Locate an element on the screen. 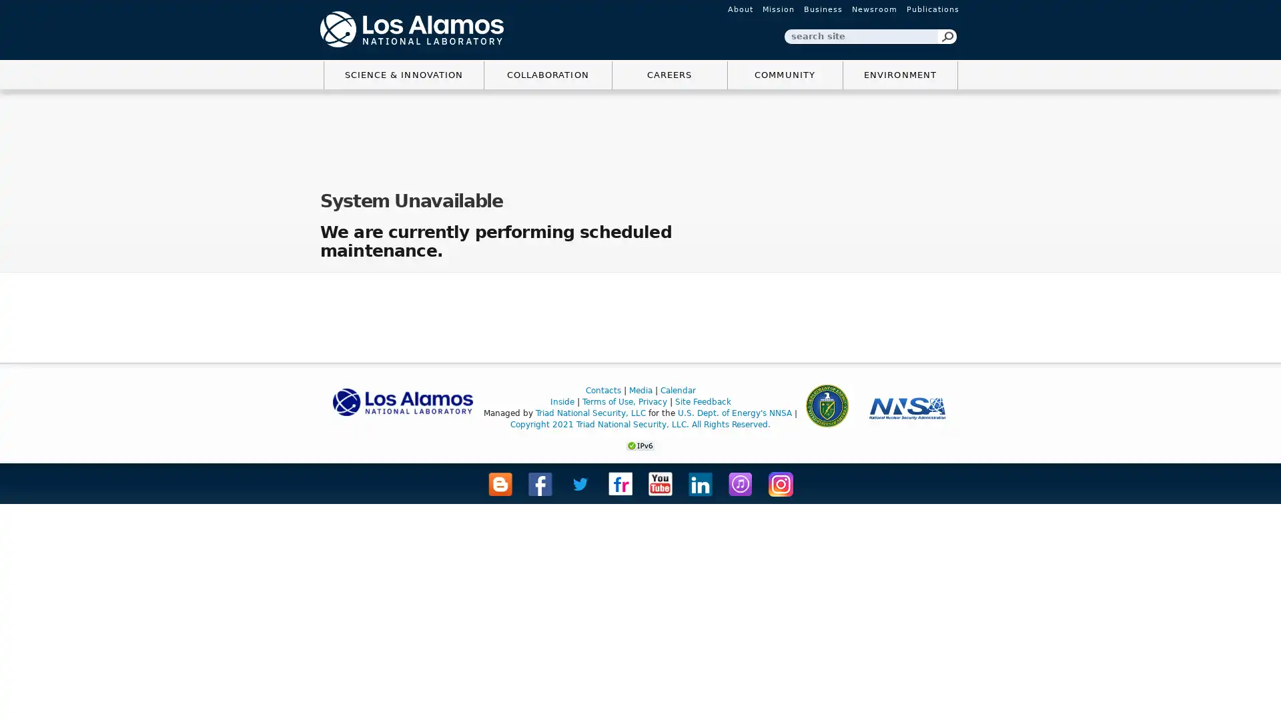  Search Button is located at coordinates (947, 35).